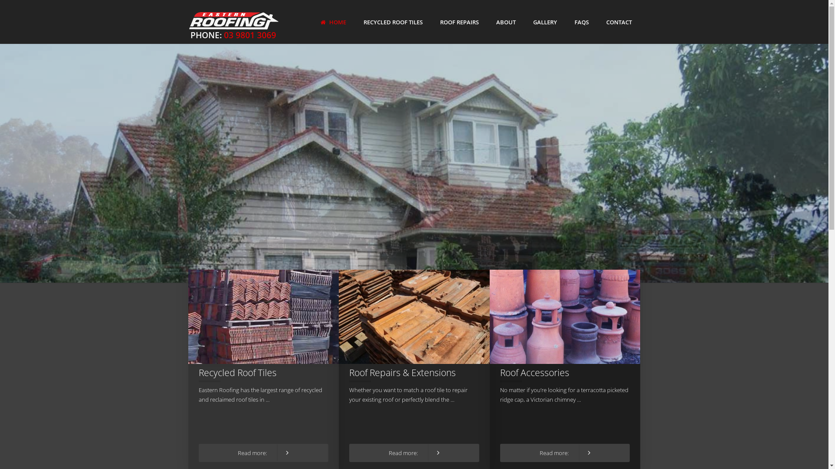  Describe the element at coordinates (223, 34) in the screenshot. I see `'03 9801 3069'` at that location.